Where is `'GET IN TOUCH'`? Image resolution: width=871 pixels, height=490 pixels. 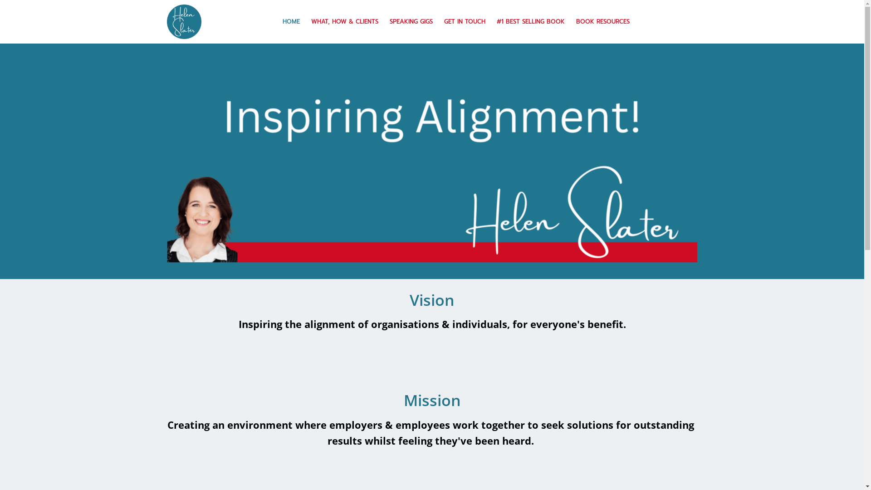 'GET IN TOUCH' is located at coordinates (465, 21).